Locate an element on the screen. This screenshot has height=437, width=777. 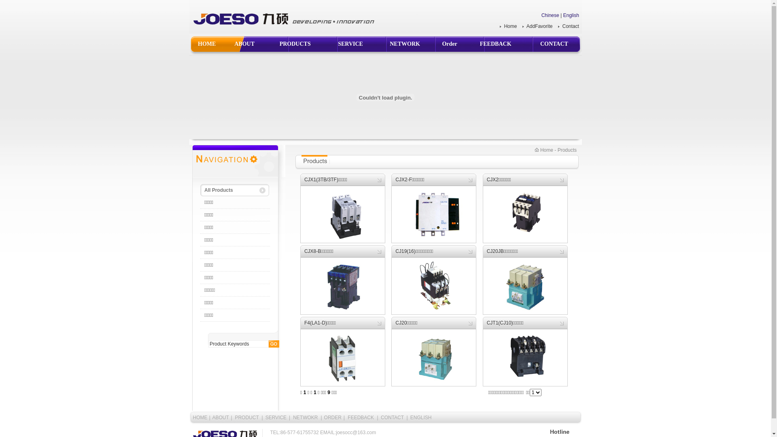
'Order' is located at coordinates (449, 41).